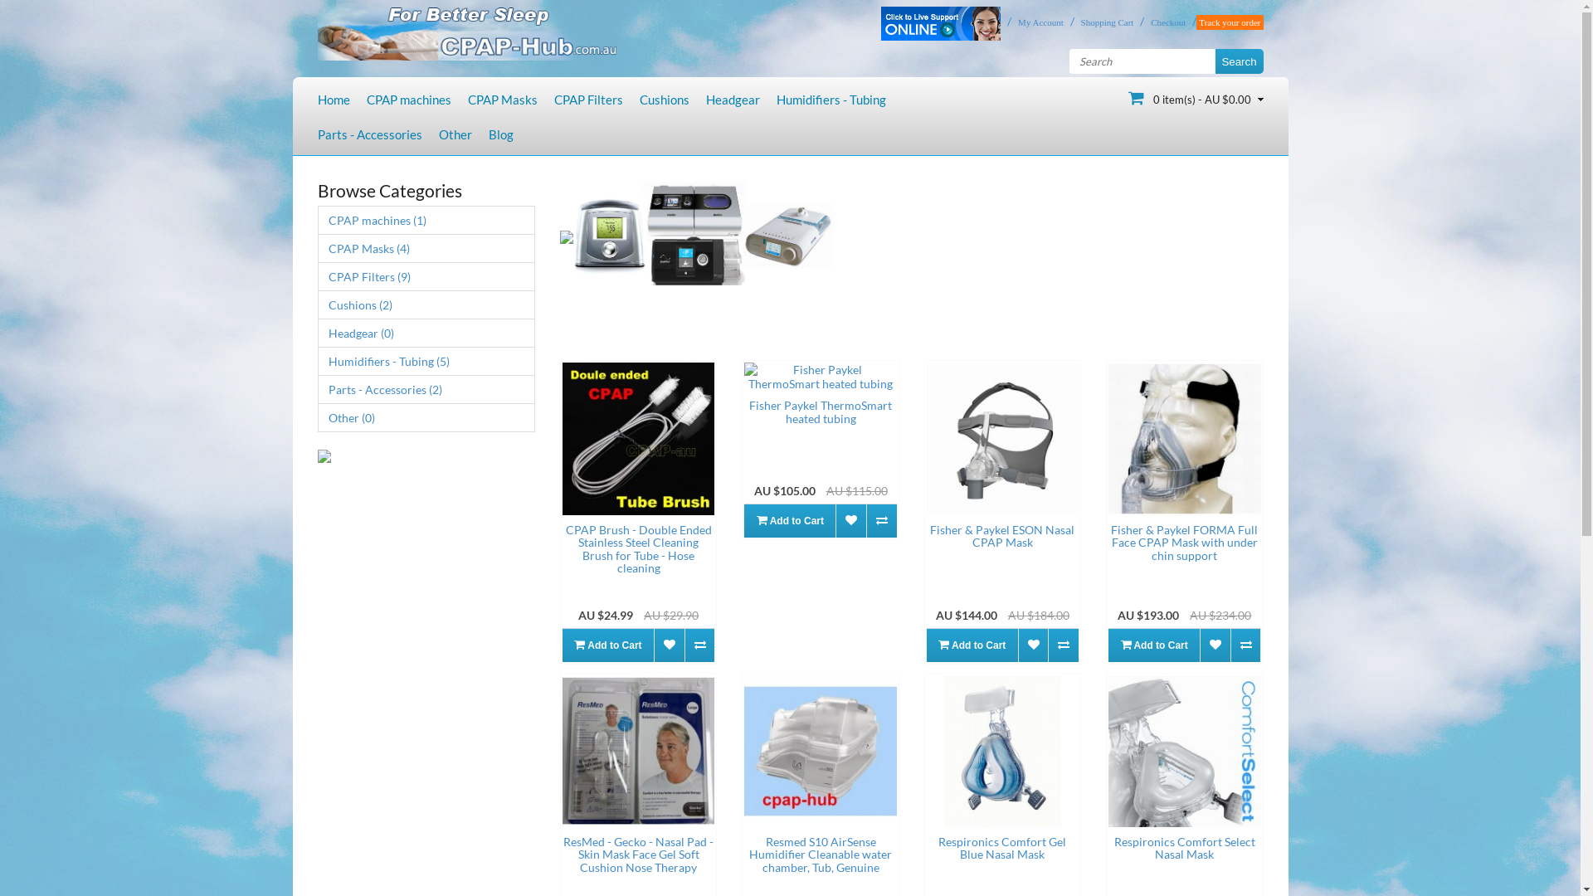  What do you see at coordinates (426, 304) in the screenshot?
I see `'Cushions (2)'` at bounding box center [426, 304].